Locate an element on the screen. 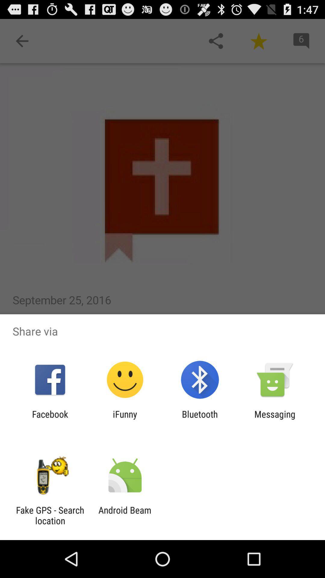  the app to the right of the ifunny is located at coordinates (200, 419).